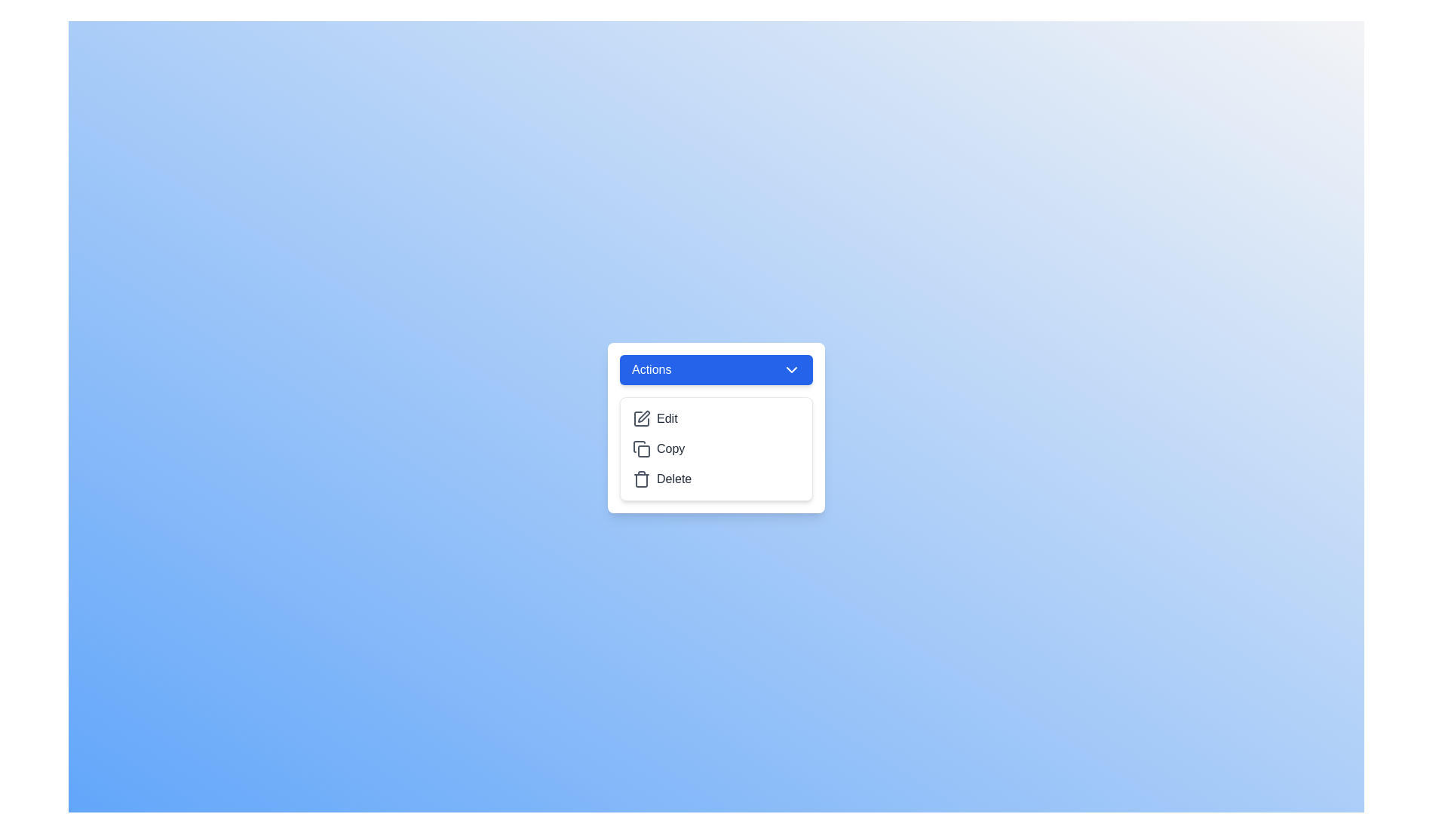 This screenshot has height=814, width=1448. Describe the element at coordinates (716, 448) in the screenshot. I see `the 'Copy' button, which is the second option in the 'Actions' dropdown menu, located between 'Edit' and 'Delete'` at that location.